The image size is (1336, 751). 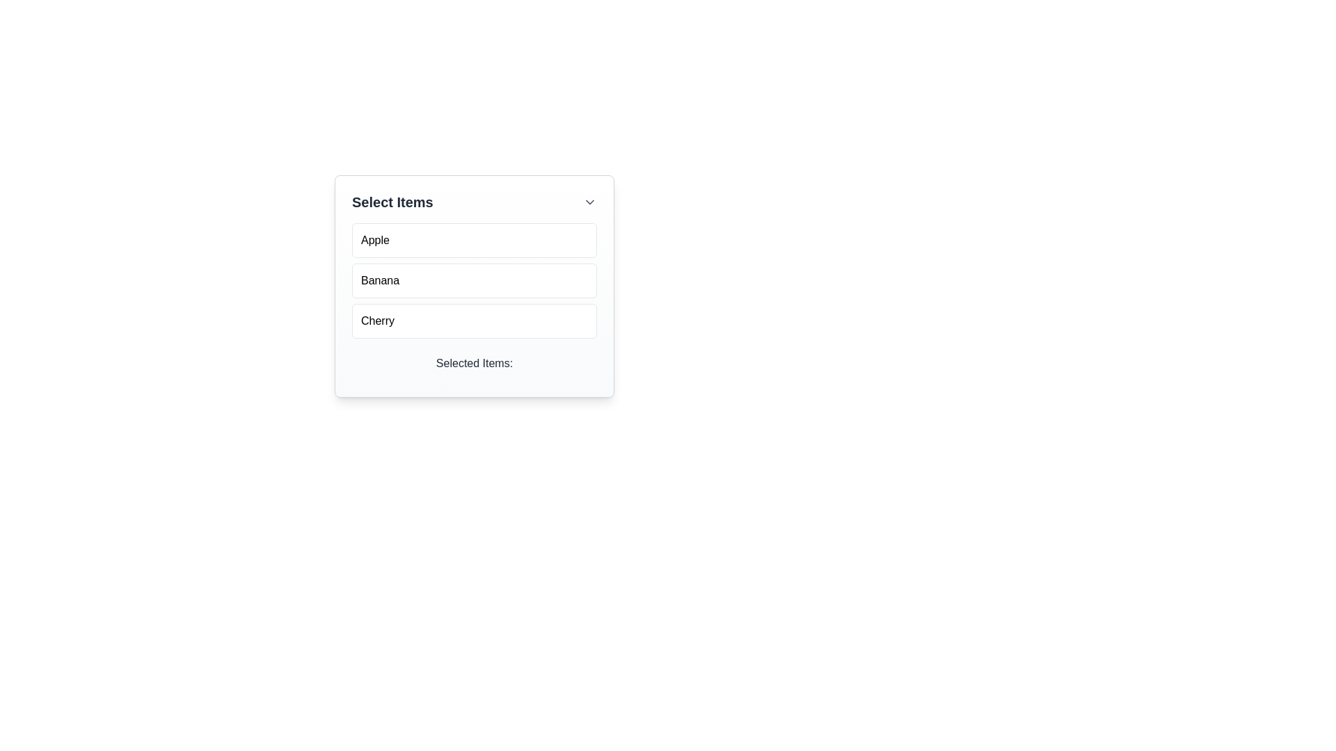 I want to click on the second selectable list item, which is positioned below 'Apple' and above 'Cherry', so click(x=474, y=281).